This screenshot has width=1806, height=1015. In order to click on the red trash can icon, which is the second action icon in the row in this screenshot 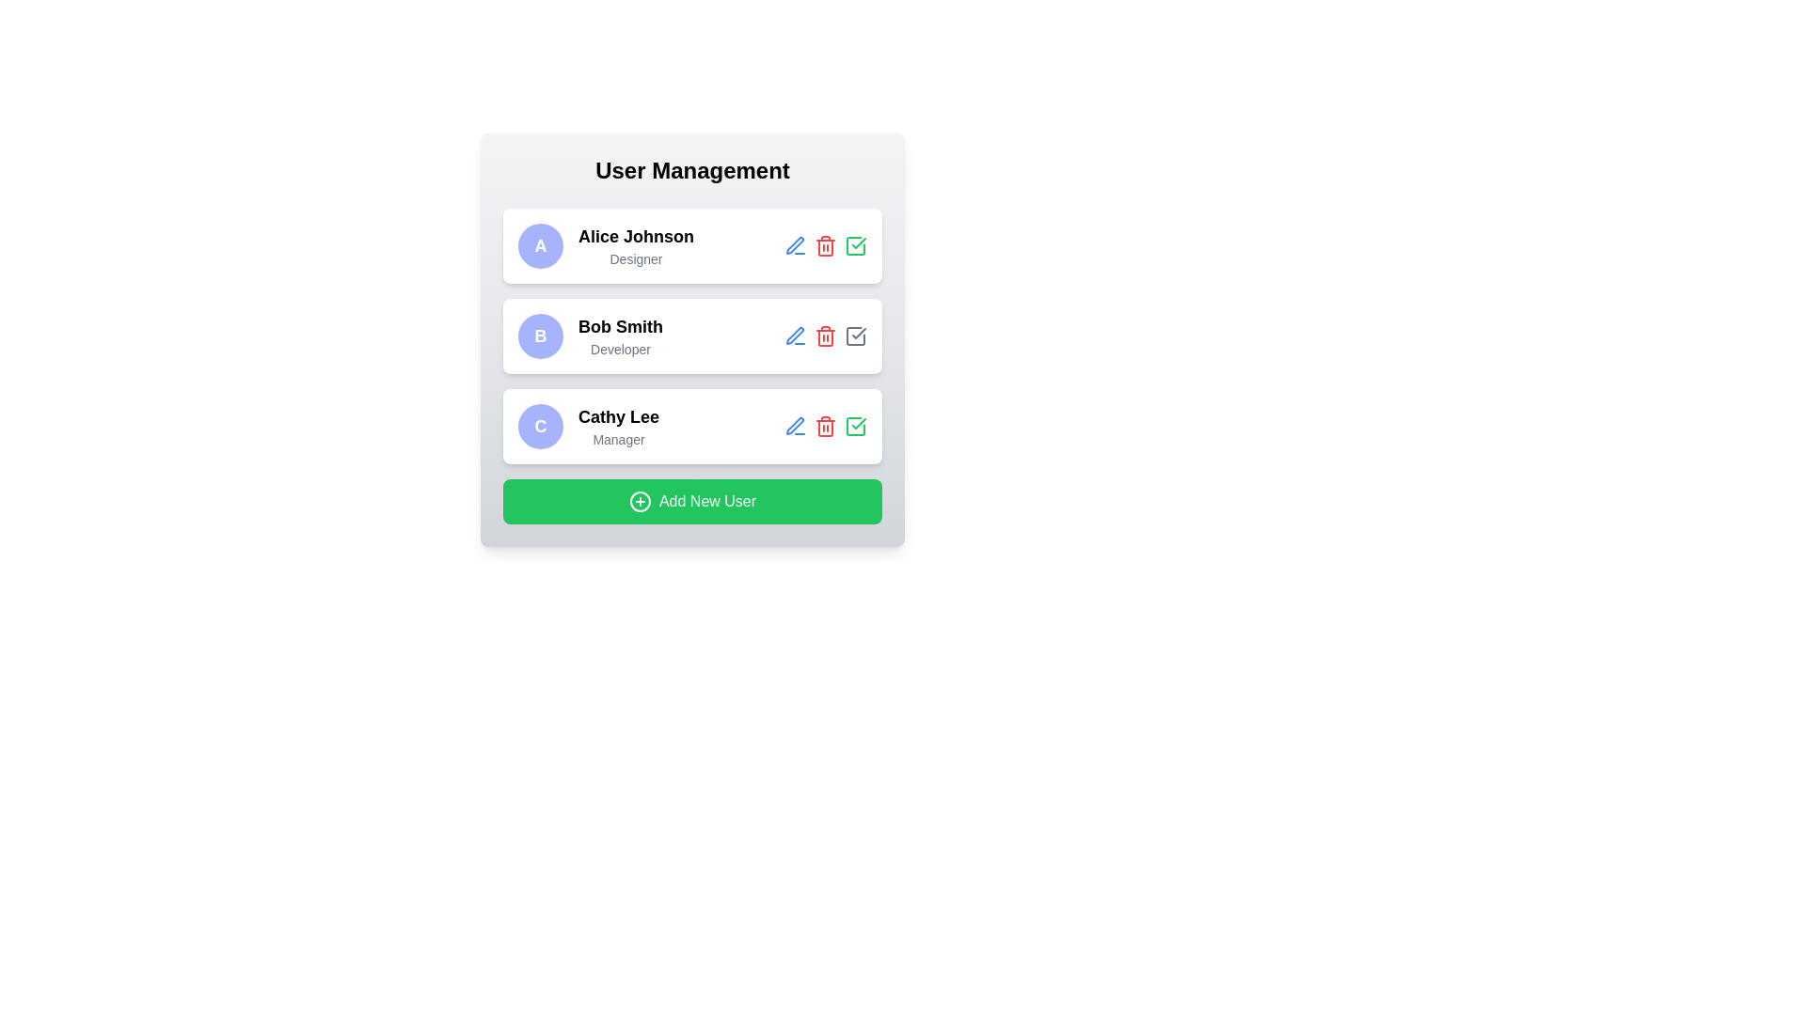, I will do `click(826, 336)`.